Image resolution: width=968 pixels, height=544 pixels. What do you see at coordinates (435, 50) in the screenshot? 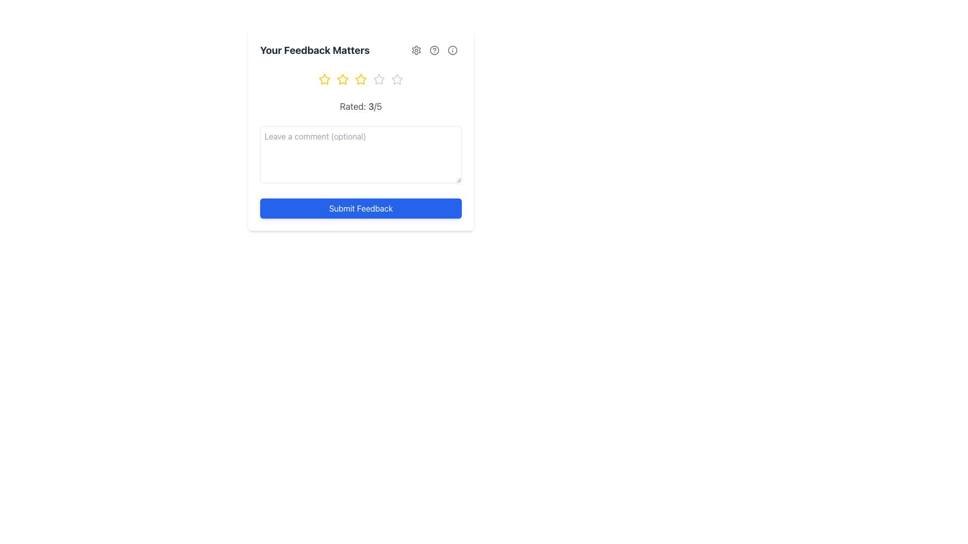
I see `the help icon button located in the top-right corner of the feedback interface` at bounding box center [435, 50].